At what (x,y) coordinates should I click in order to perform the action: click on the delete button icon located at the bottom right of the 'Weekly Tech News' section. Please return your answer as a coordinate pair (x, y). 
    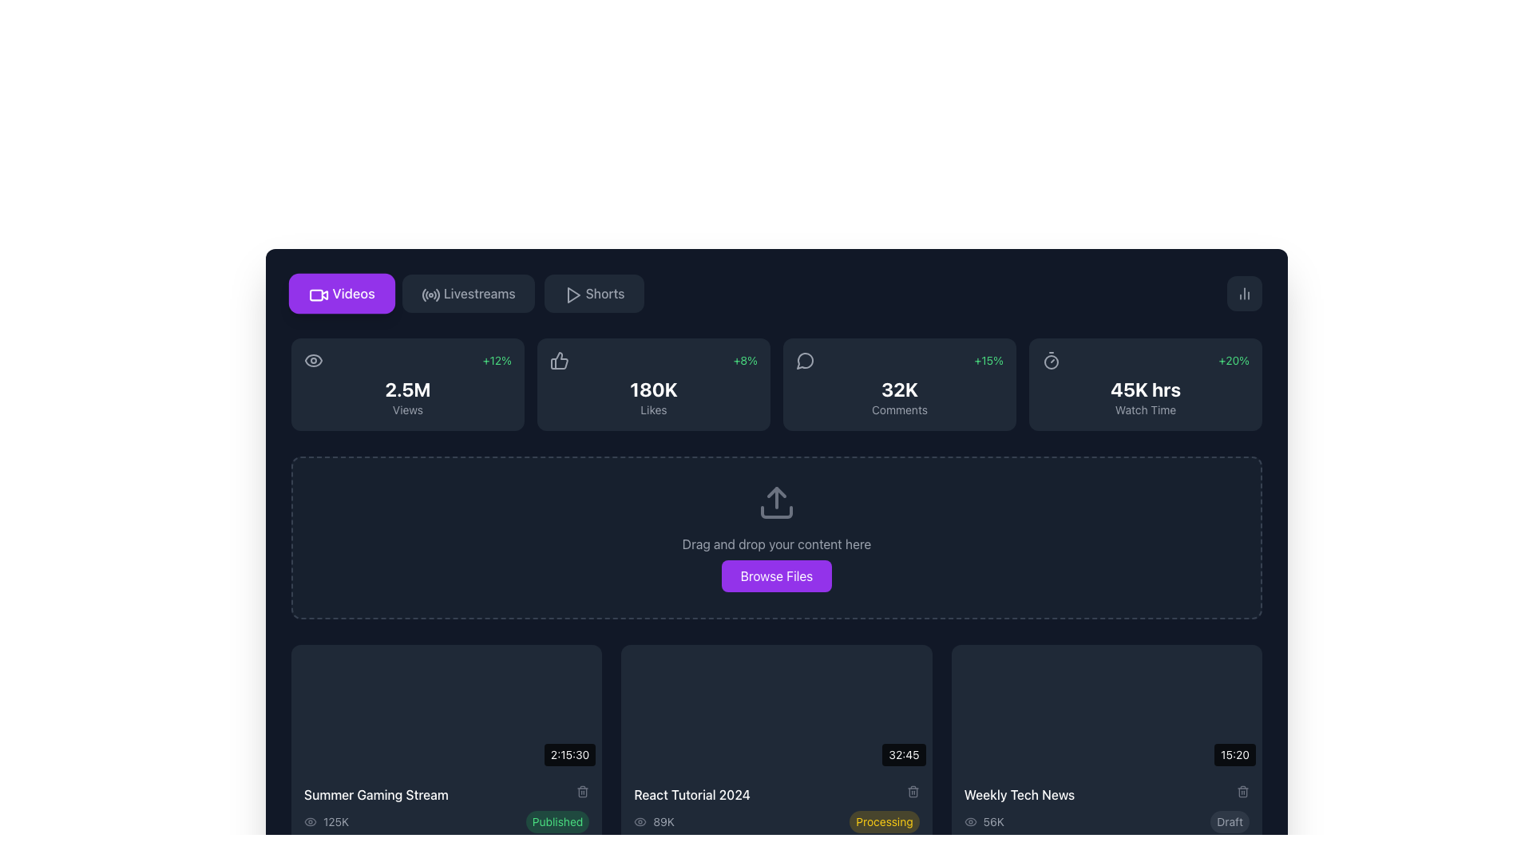
    Looking at the image, I should click on (1242, 791).